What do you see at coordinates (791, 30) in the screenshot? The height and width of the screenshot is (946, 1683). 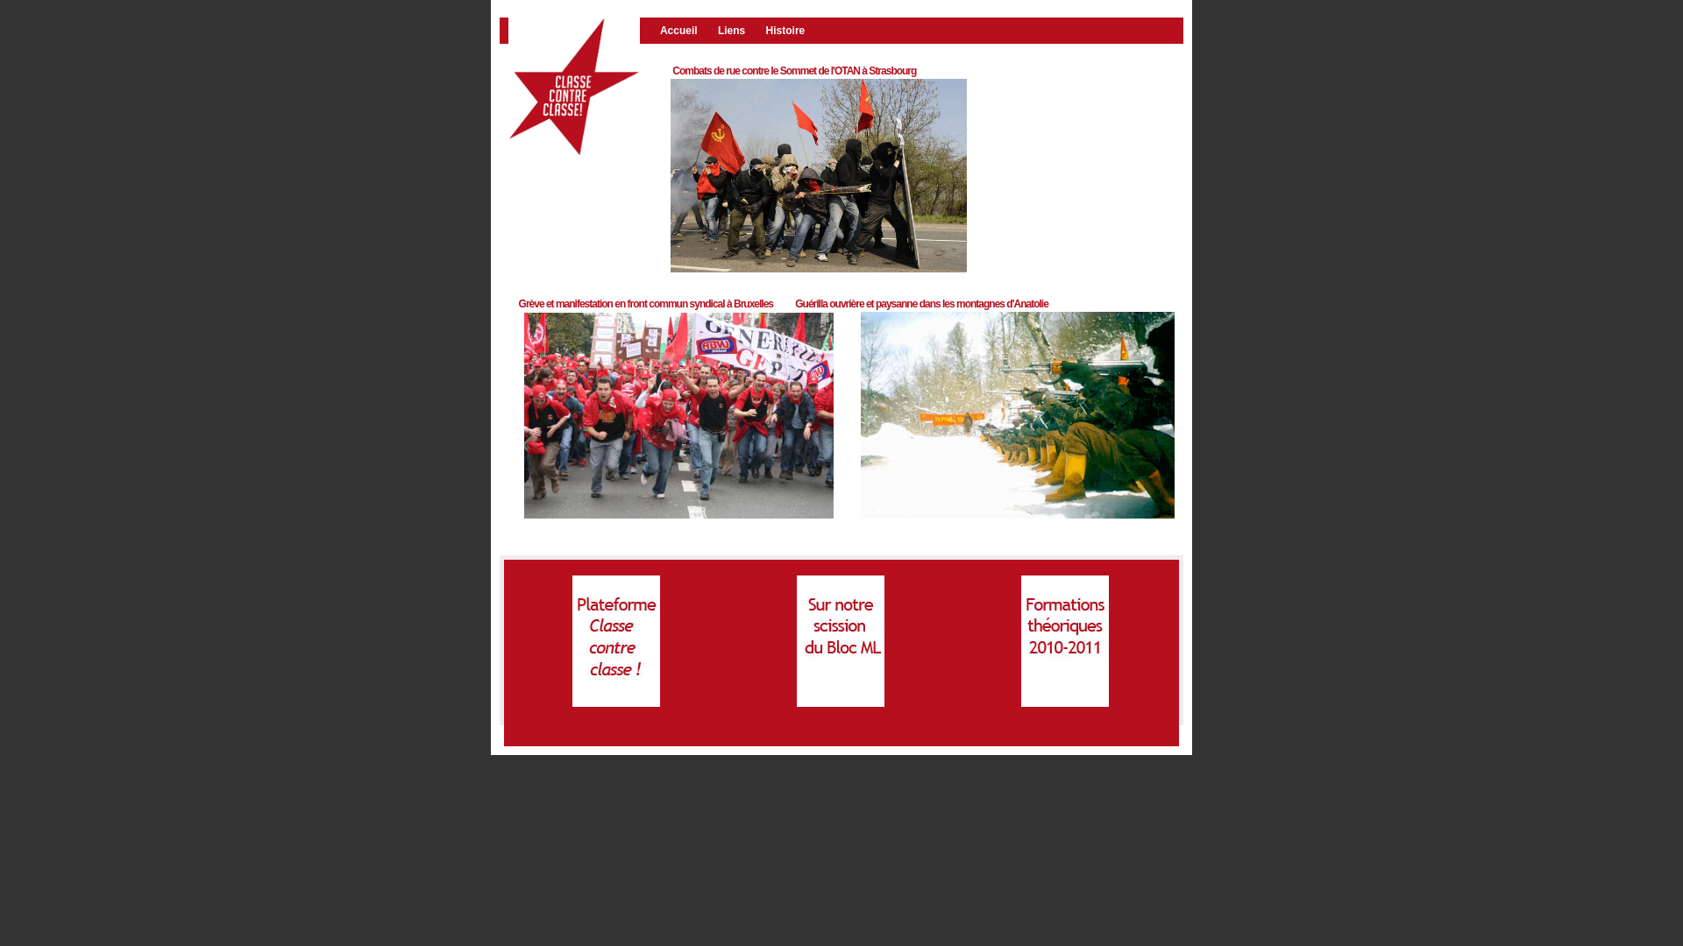 I see `' Histoire'` at bounding box center [791, 30].